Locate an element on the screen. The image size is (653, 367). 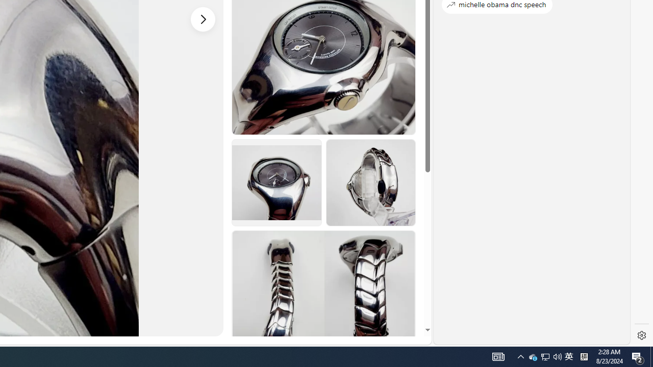
'Next image - Item images thumbnails' is located at coordinates (203, 19).